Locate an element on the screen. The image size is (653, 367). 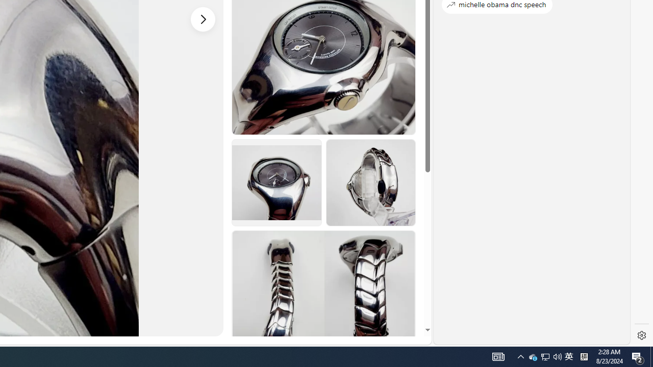
'Next image - Item images thumbnails' is located at coordinates (203, 19).